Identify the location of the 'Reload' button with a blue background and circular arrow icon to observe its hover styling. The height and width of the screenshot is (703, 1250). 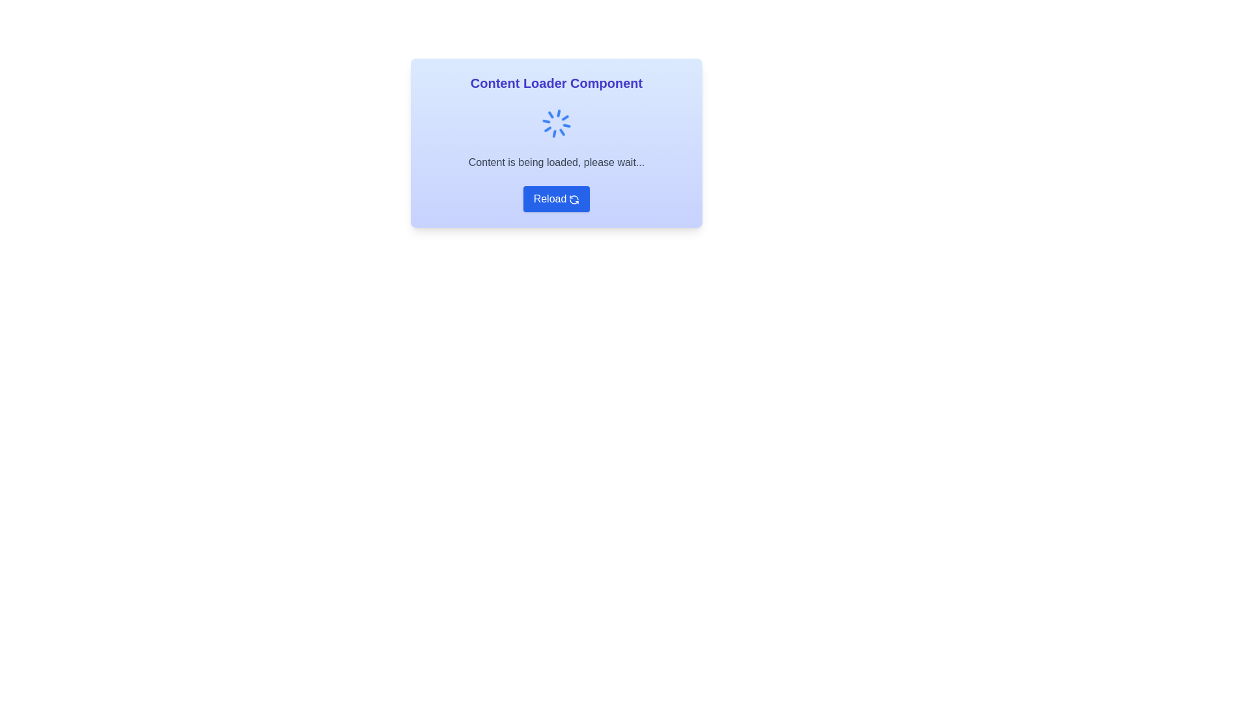
(556, 199).